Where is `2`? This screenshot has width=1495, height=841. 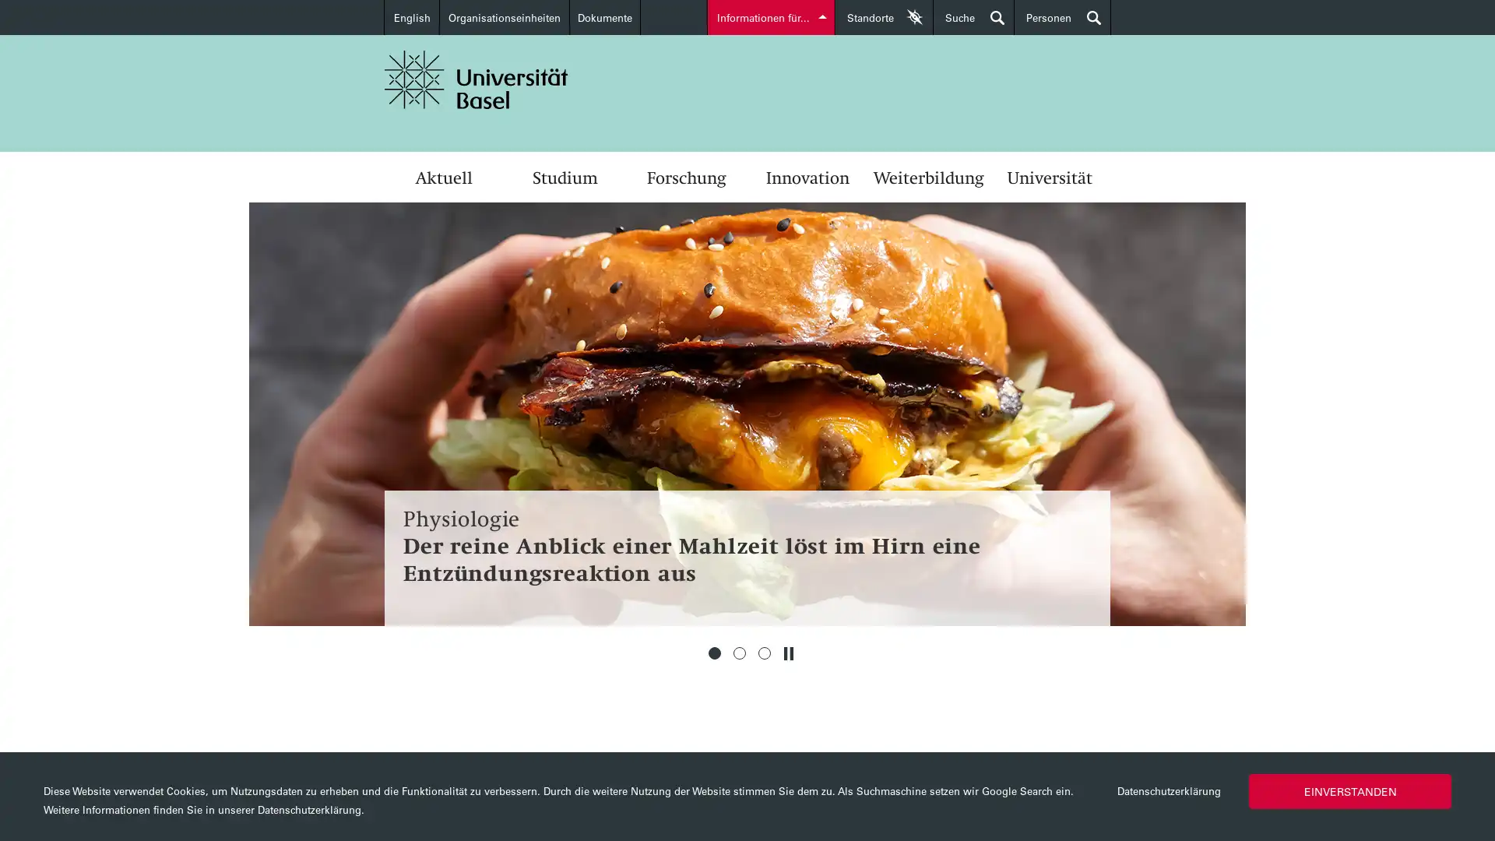
2 is located at coordinates (738, 653).